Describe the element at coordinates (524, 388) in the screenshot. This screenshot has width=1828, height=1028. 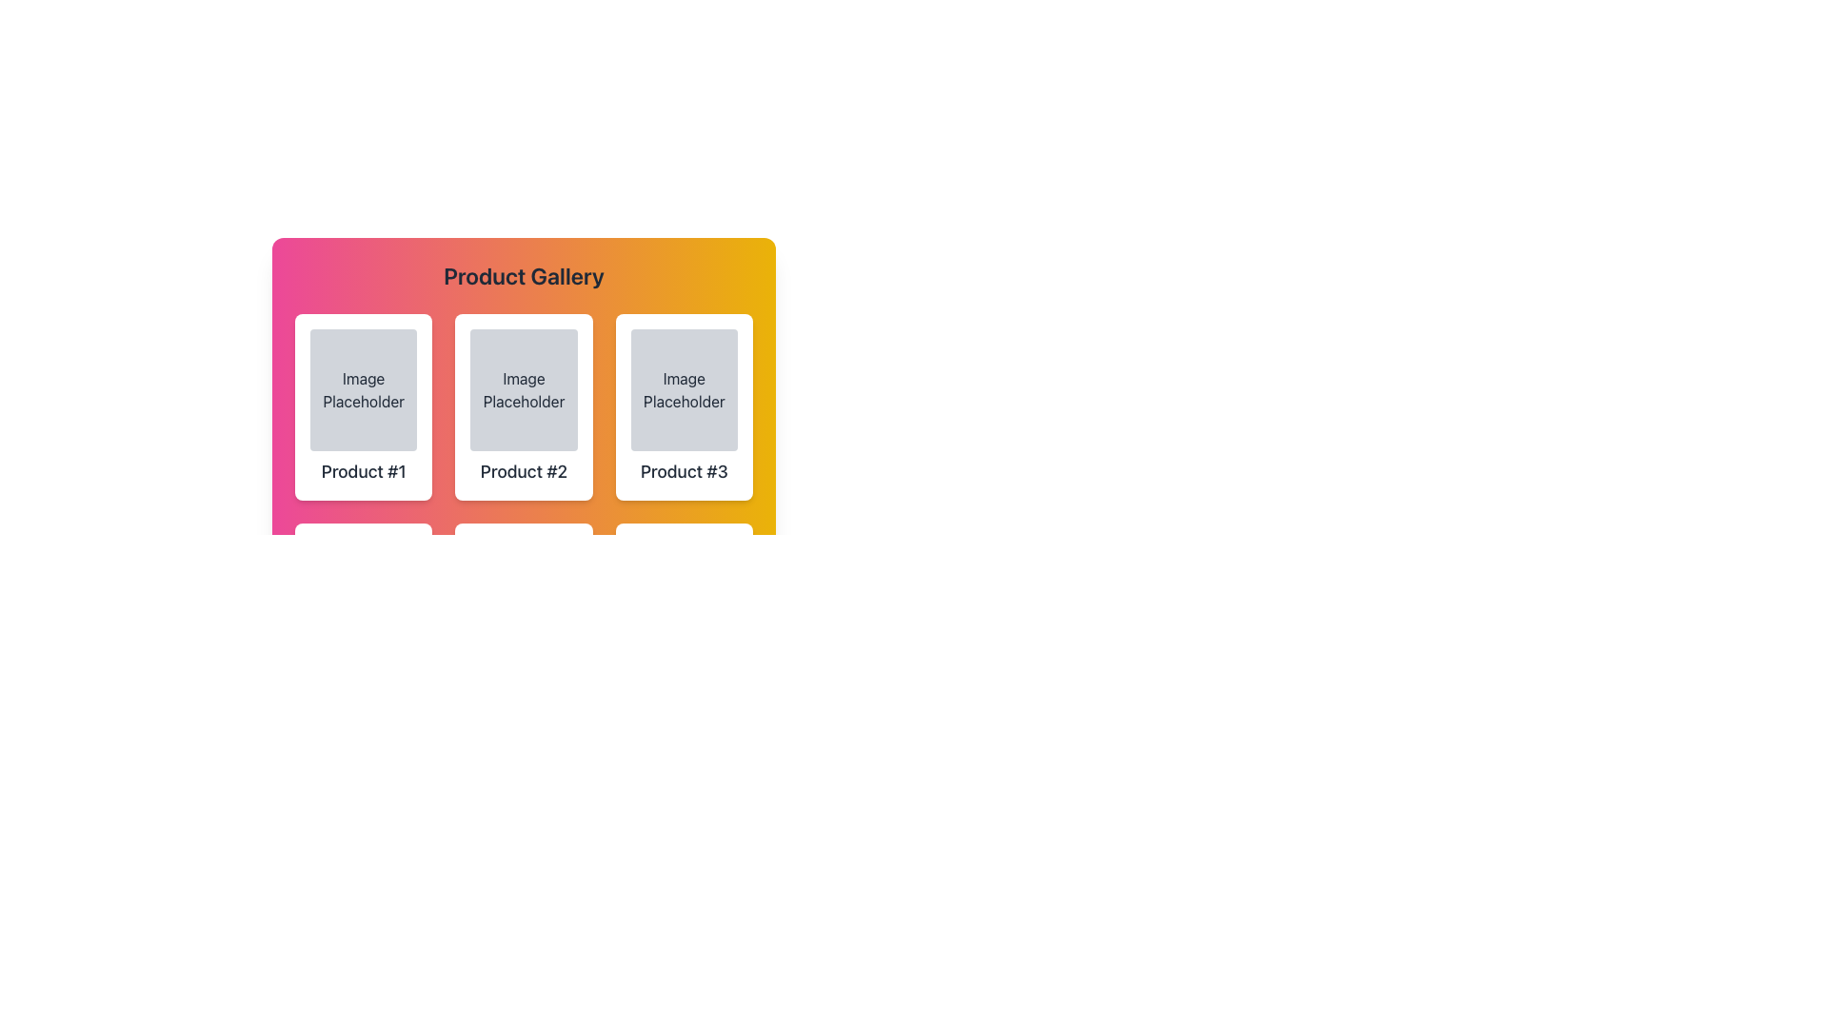
I see `the 'Image Placeholder' element, which has a light gray background and is centered above the text 'Product #2'` at that location.